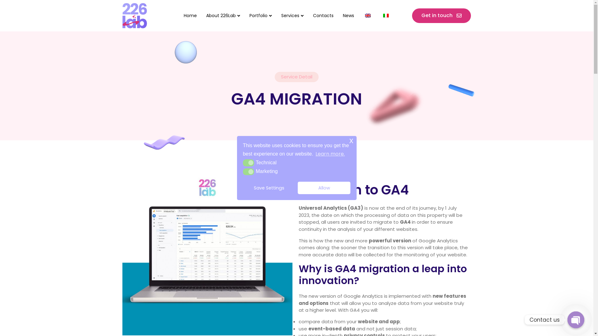  What do you see at coordinates (269, 188) in the screenshot?
I see `'Save Settings'` at bounding box center [269, 188].